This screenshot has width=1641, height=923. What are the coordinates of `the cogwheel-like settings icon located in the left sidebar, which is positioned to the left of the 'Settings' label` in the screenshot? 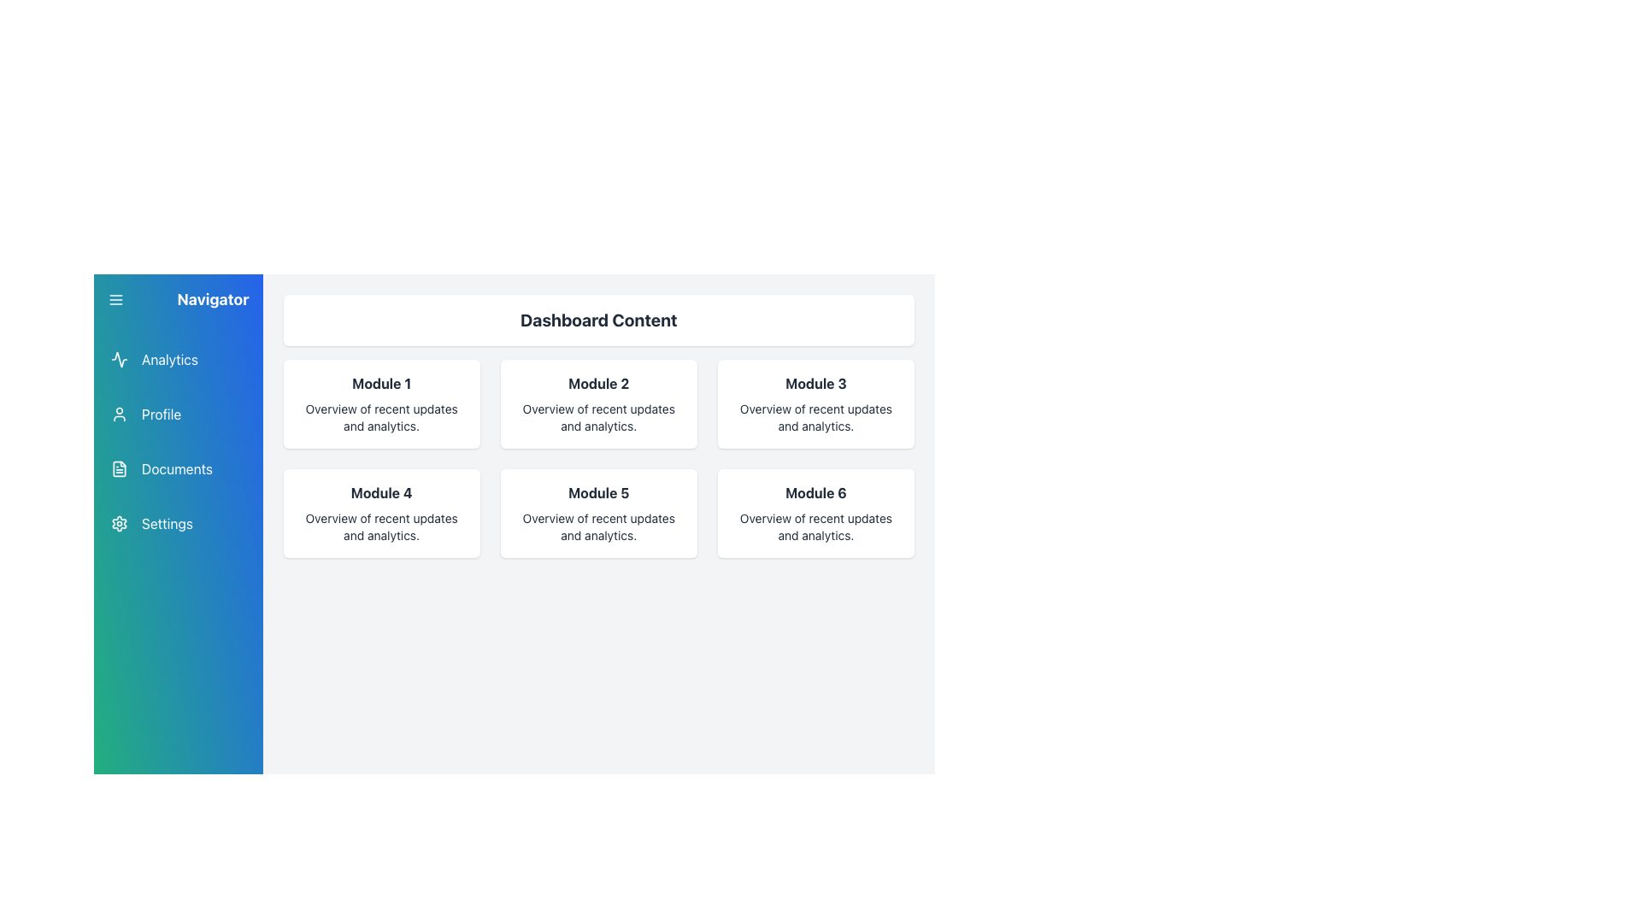 It's located at (118, 523).